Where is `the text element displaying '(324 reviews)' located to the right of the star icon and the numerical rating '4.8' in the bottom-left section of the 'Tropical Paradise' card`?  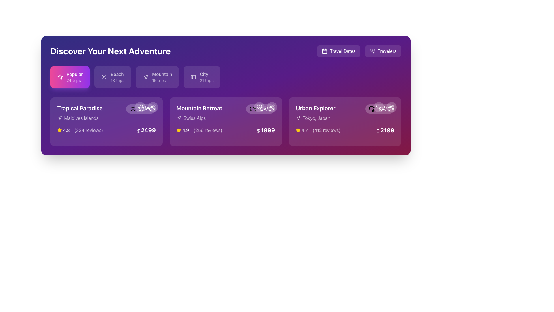 the text element displaying '(324 reviews)' located to the right of the star icon and the numerical rating '4.8' in the bottom-left section of the 'Tropical Paradise' card is located at coordinates (88, 130).